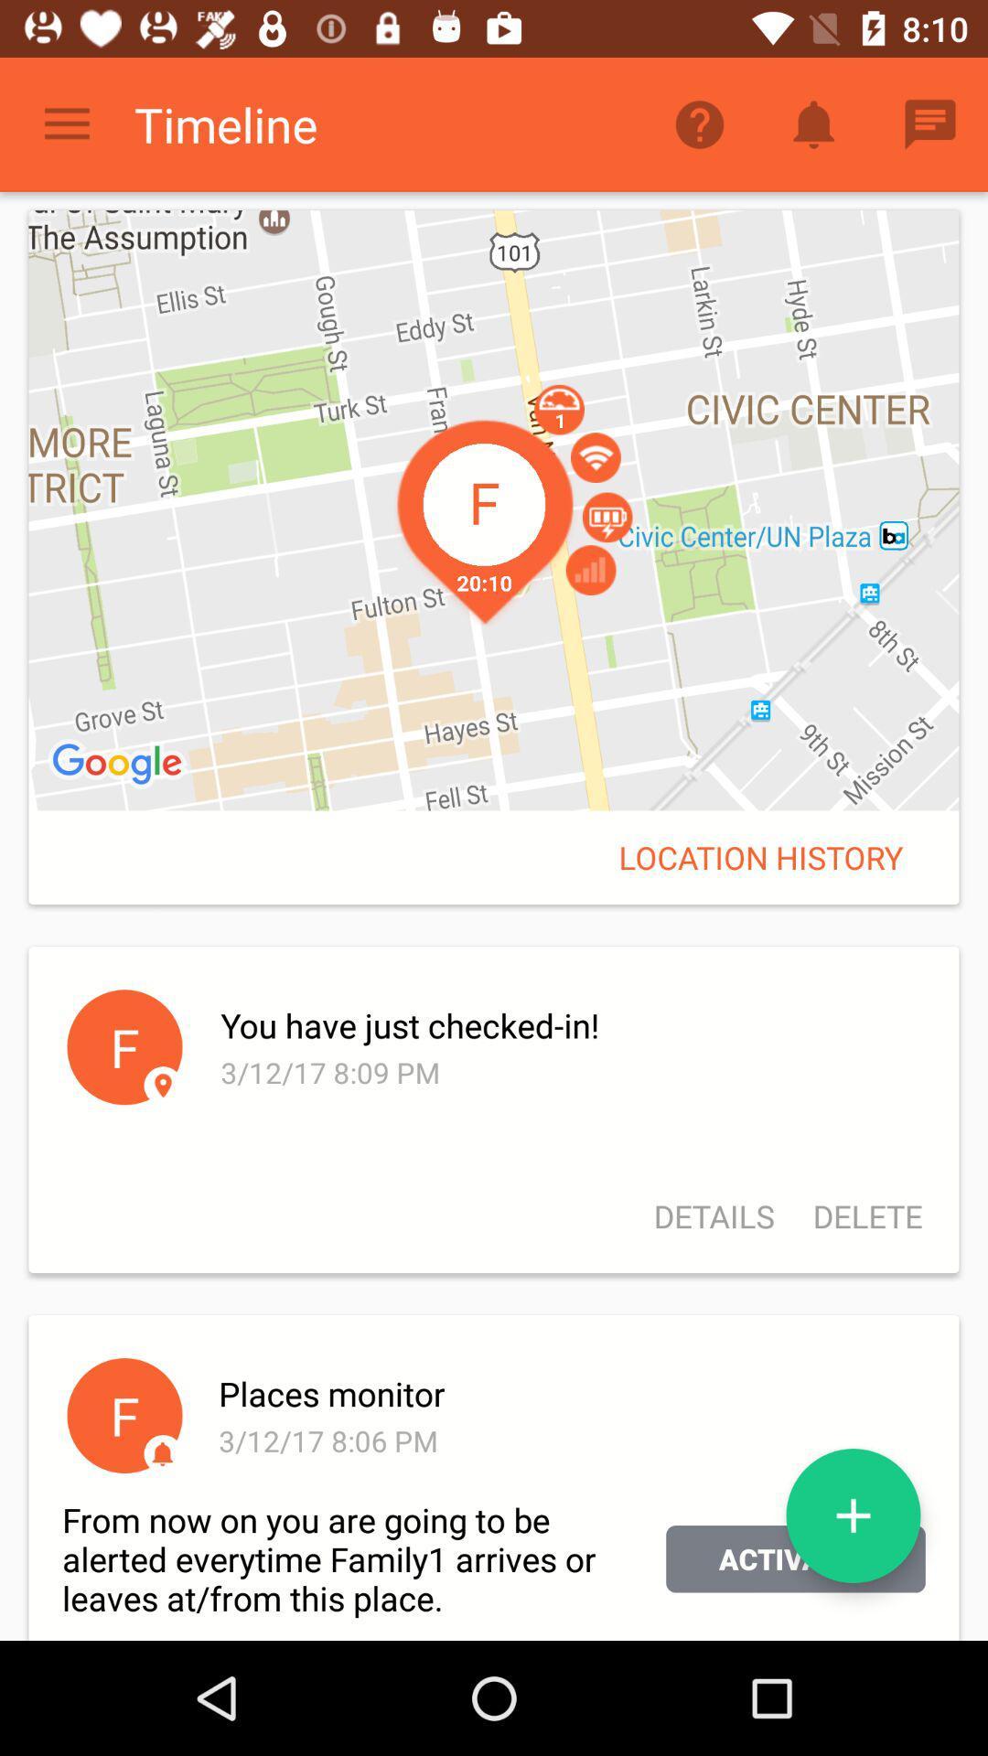 This screenshot has width=988, height=1756. Describe the element at coordinates (66, 123) in the screenshot. I see `the item next to timeline icon` at that location.